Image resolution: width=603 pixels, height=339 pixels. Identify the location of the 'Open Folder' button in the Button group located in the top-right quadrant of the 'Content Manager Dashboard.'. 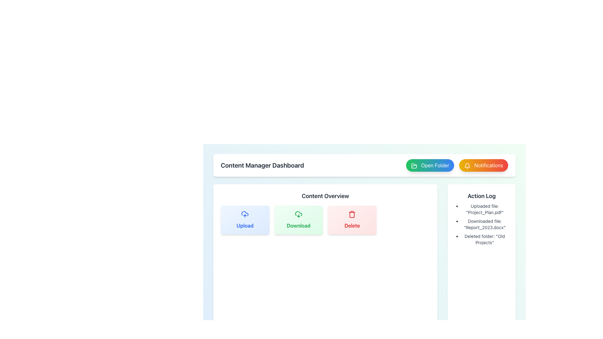
(457, 165).